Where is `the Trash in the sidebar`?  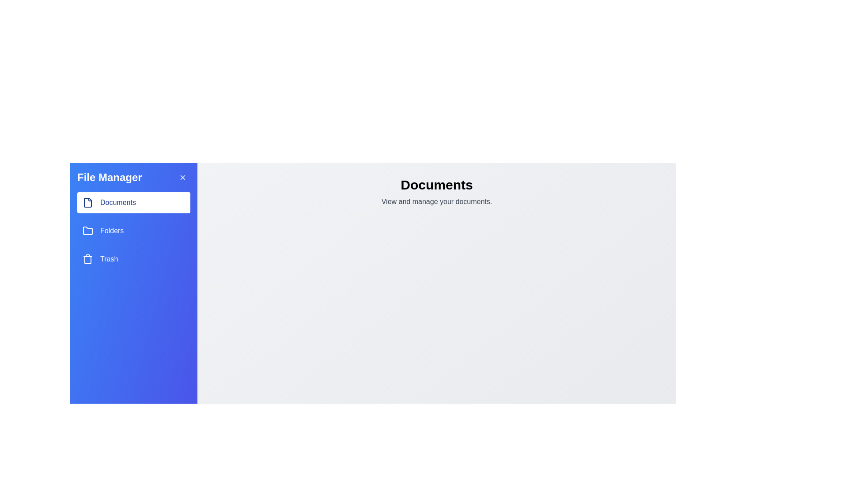
the Trash in the sidebar is located at coordinates (133, 258).